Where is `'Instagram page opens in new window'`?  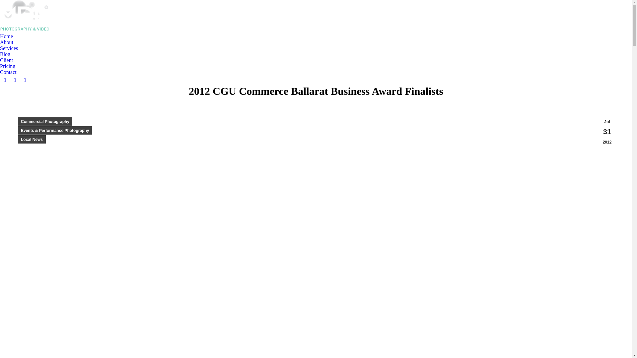 'Instagram page opens in new window' is located at coordinates (25, 80).